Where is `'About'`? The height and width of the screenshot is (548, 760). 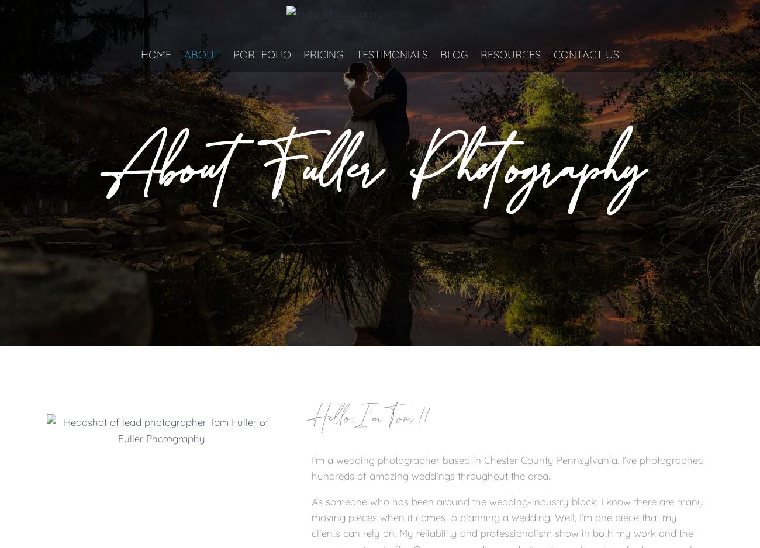 'About' is located at coordinates (202, 54).